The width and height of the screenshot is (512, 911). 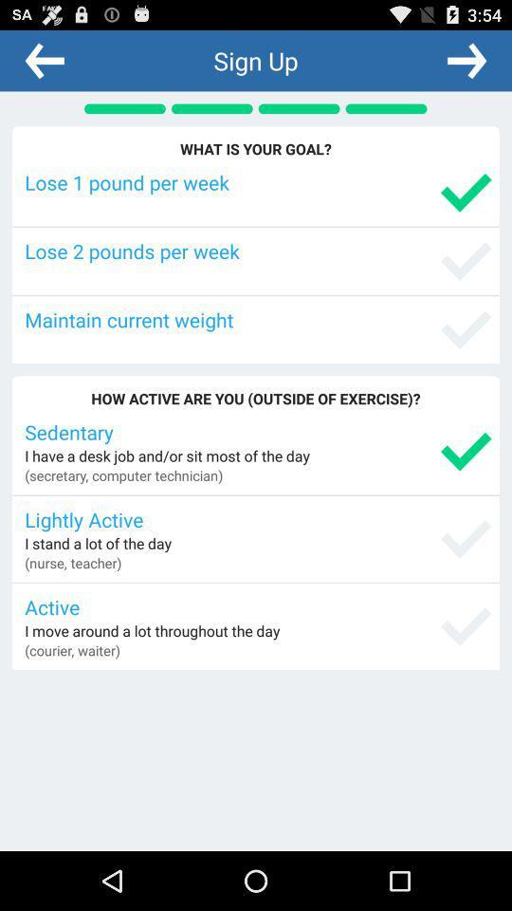 I want to click on previous, so click(x=45, y=60).